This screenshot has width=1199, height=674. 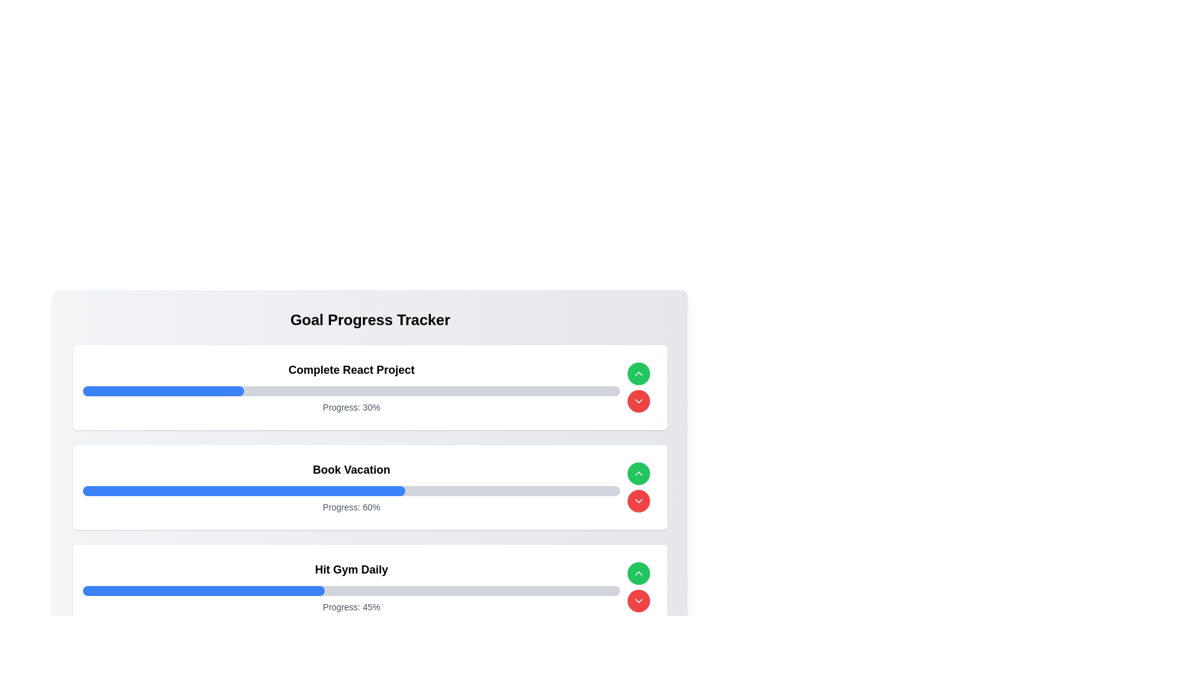 What do you see at coordinates (638, 500) in the screenshot?
I see `the downward-pointing chevron icon located in the red circular button at the bottom right corner of the 'Complete React Project' progress tracker item` at bounding box center [638, 500].